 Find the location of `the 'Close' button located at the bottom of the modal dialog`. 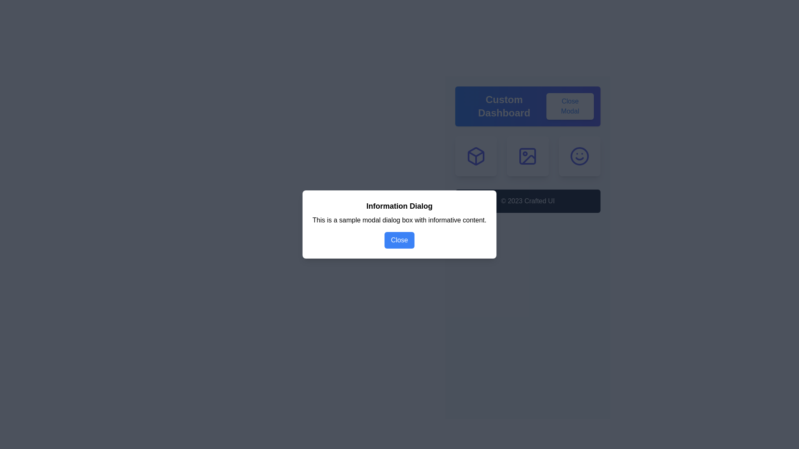

the 'Close' button located at the bottom of the modal dialog is located at coordinates (399, 240).